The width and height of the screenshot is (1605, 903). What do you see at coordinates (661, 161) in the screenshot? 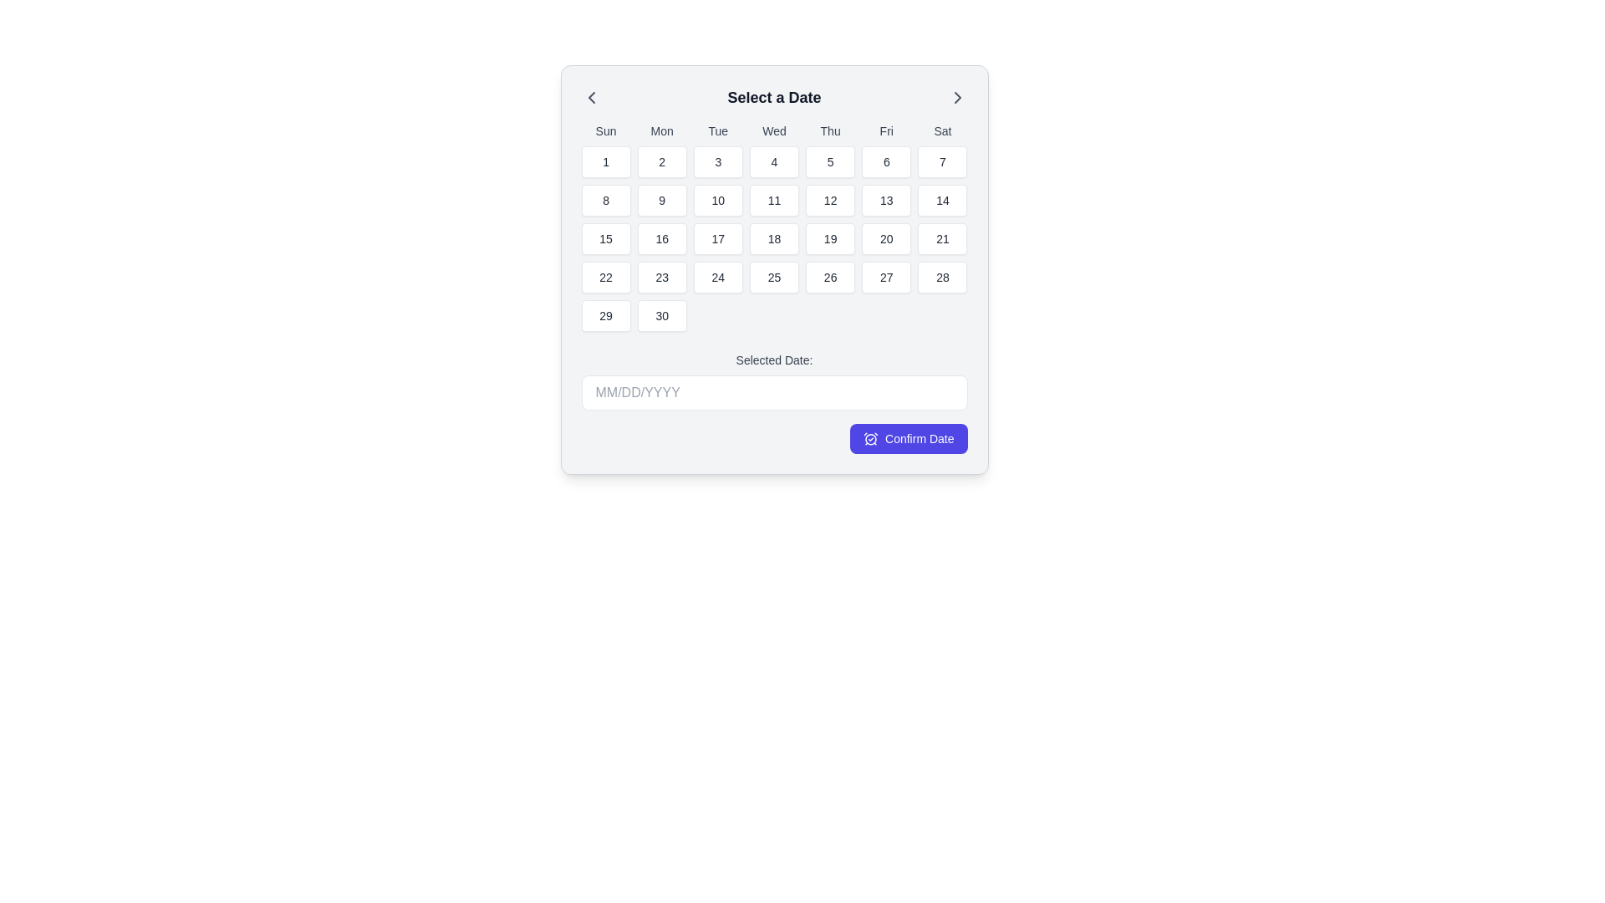
I see `the rectangular button with rounded corners labeled '2'` at bounding box center [661, 161].